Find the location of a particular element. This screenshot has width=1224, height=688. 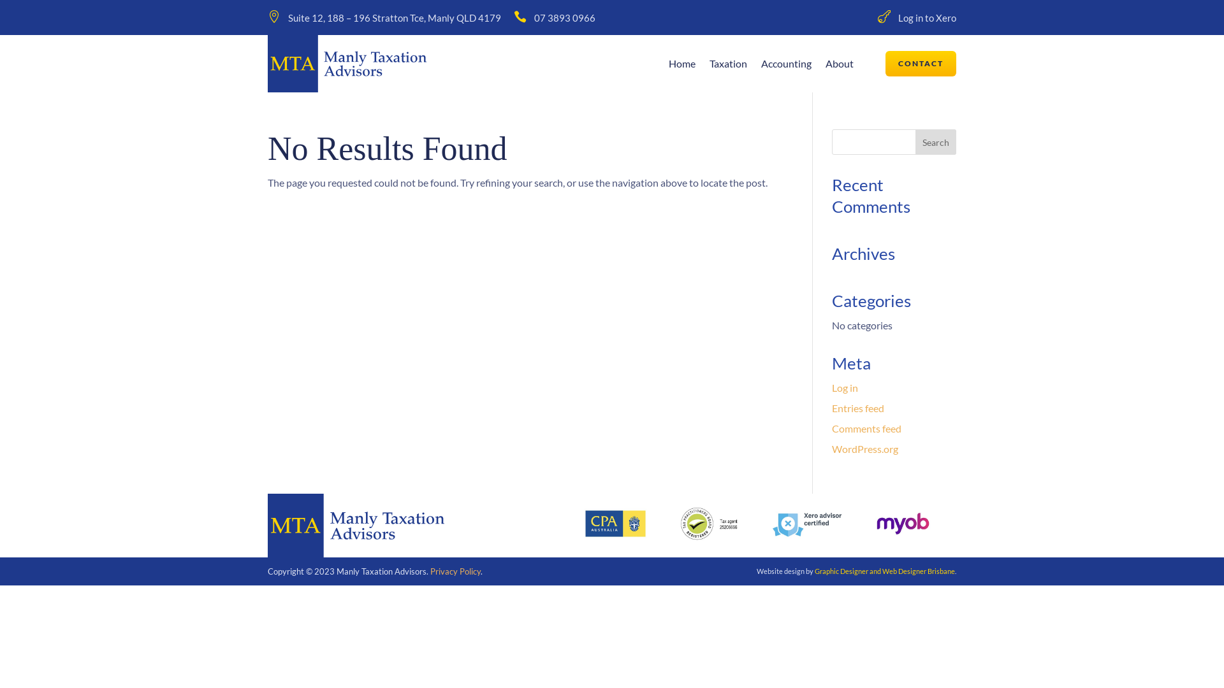

'Taxation' is located at coordinates (728, 66).